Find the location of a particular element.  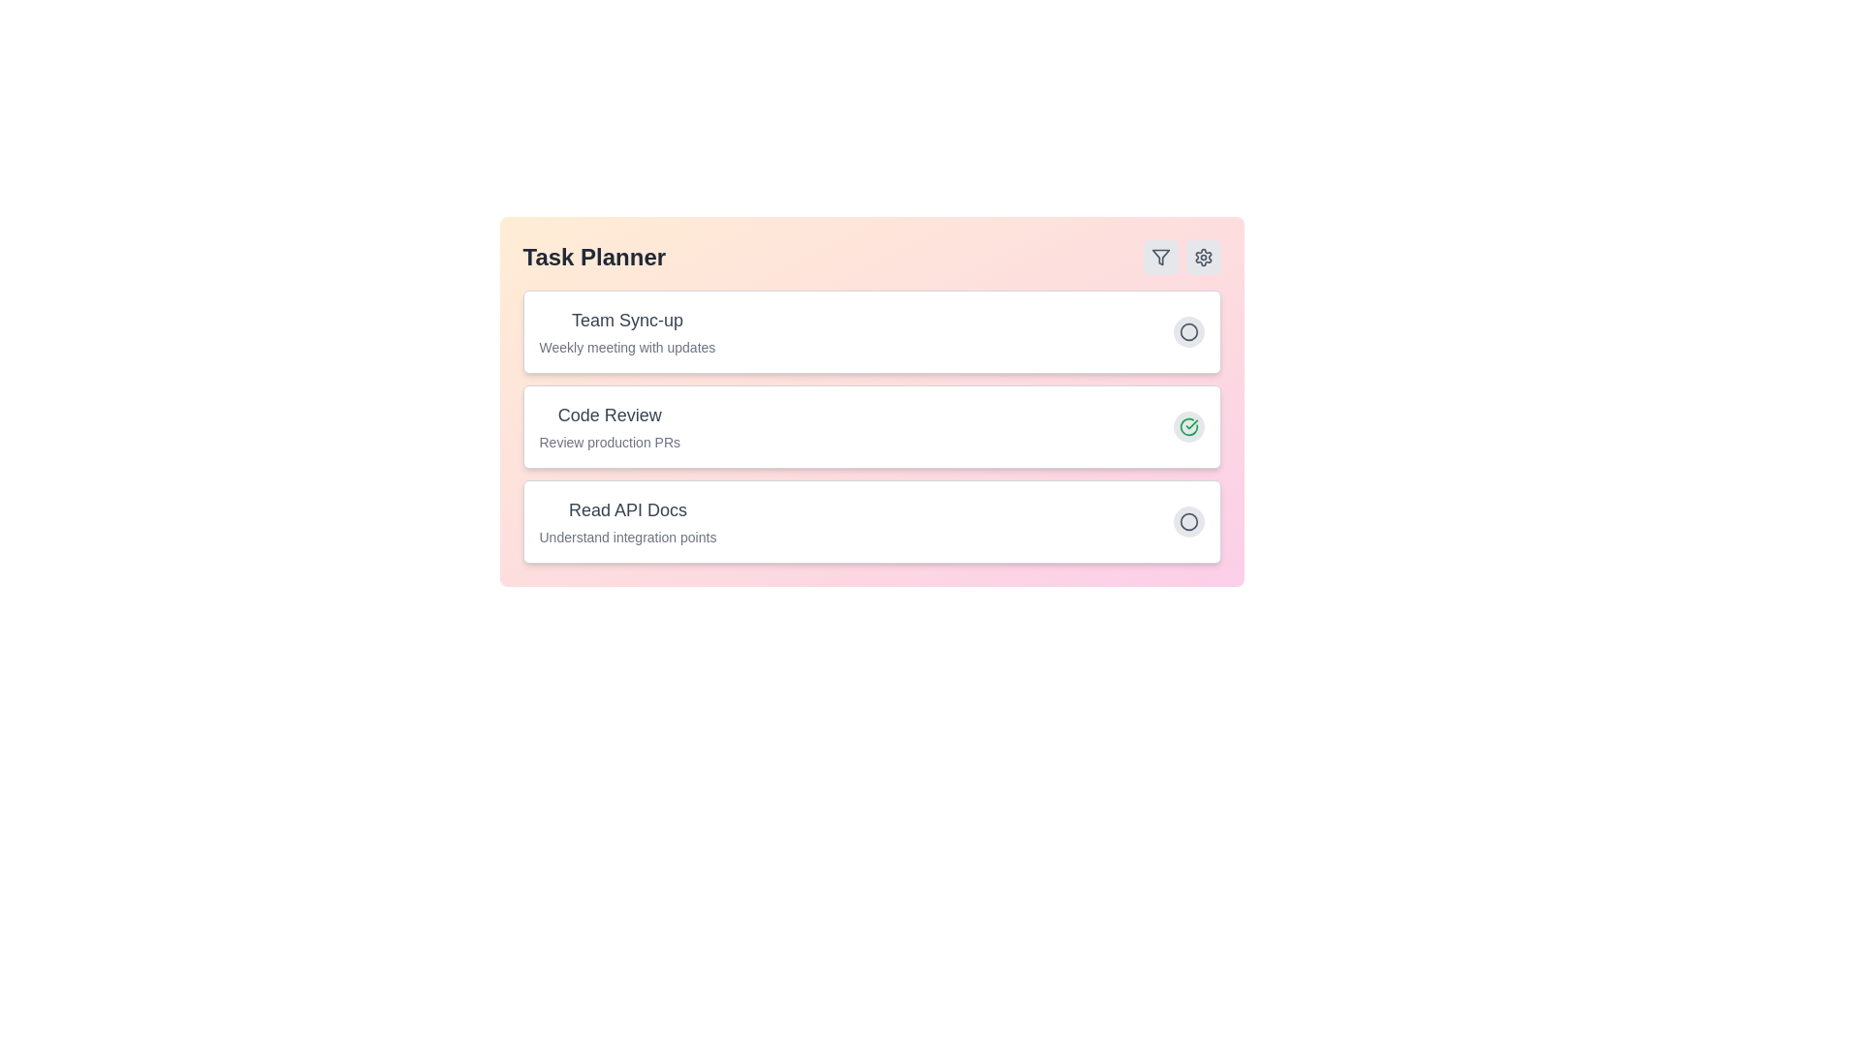

the task item titled 'Read API Docs' to interact with it is located at coordinates (628, 509).